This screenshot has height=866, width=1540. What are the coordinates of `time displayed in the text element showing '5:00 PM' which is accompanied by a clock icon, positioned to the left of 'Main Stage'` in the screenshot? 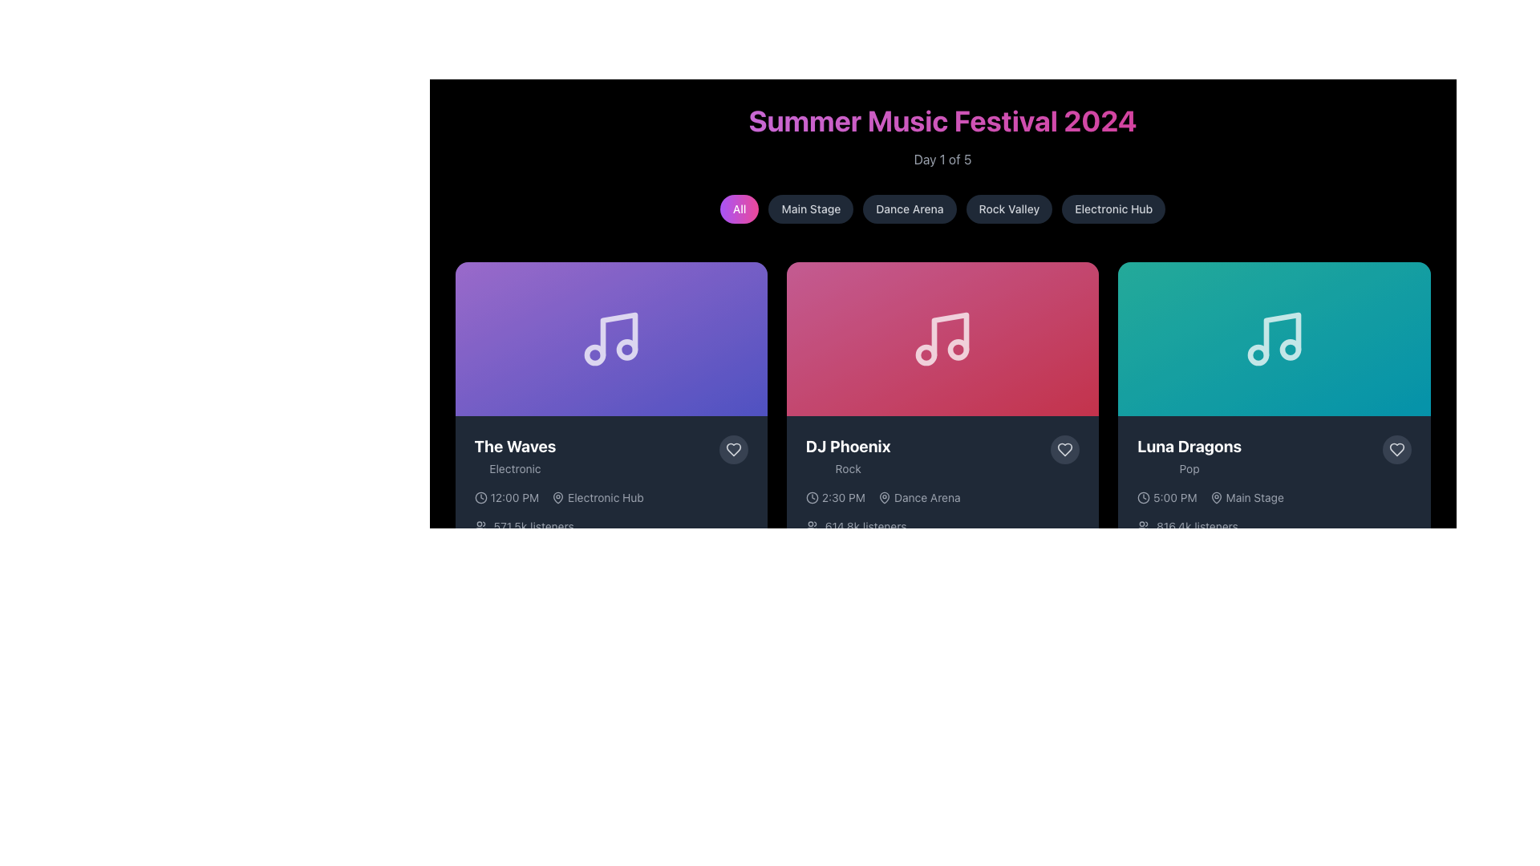 It's located at (1167, 497).